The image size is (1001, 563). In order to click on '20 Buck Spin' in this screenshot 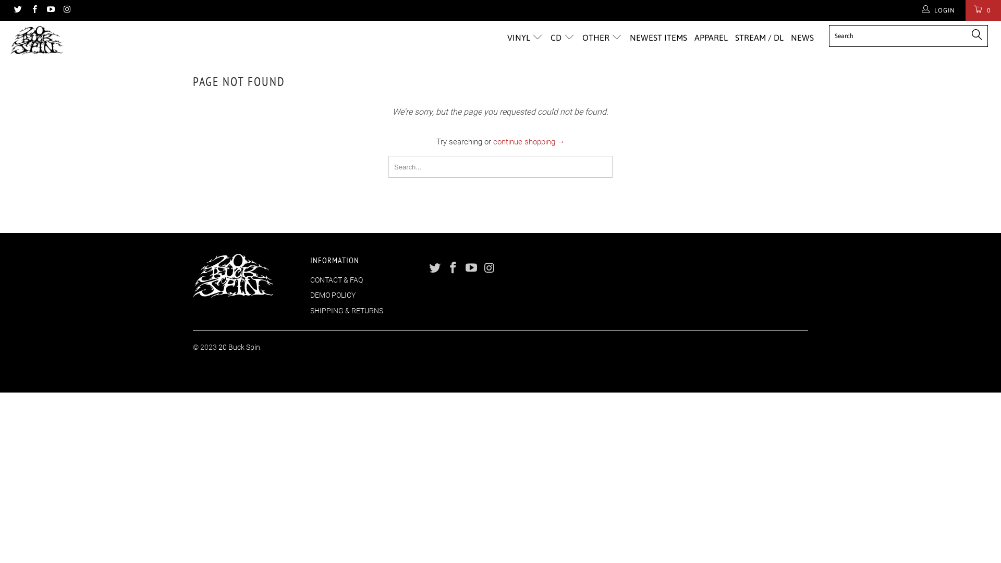, I will do `click(239, 347)`.